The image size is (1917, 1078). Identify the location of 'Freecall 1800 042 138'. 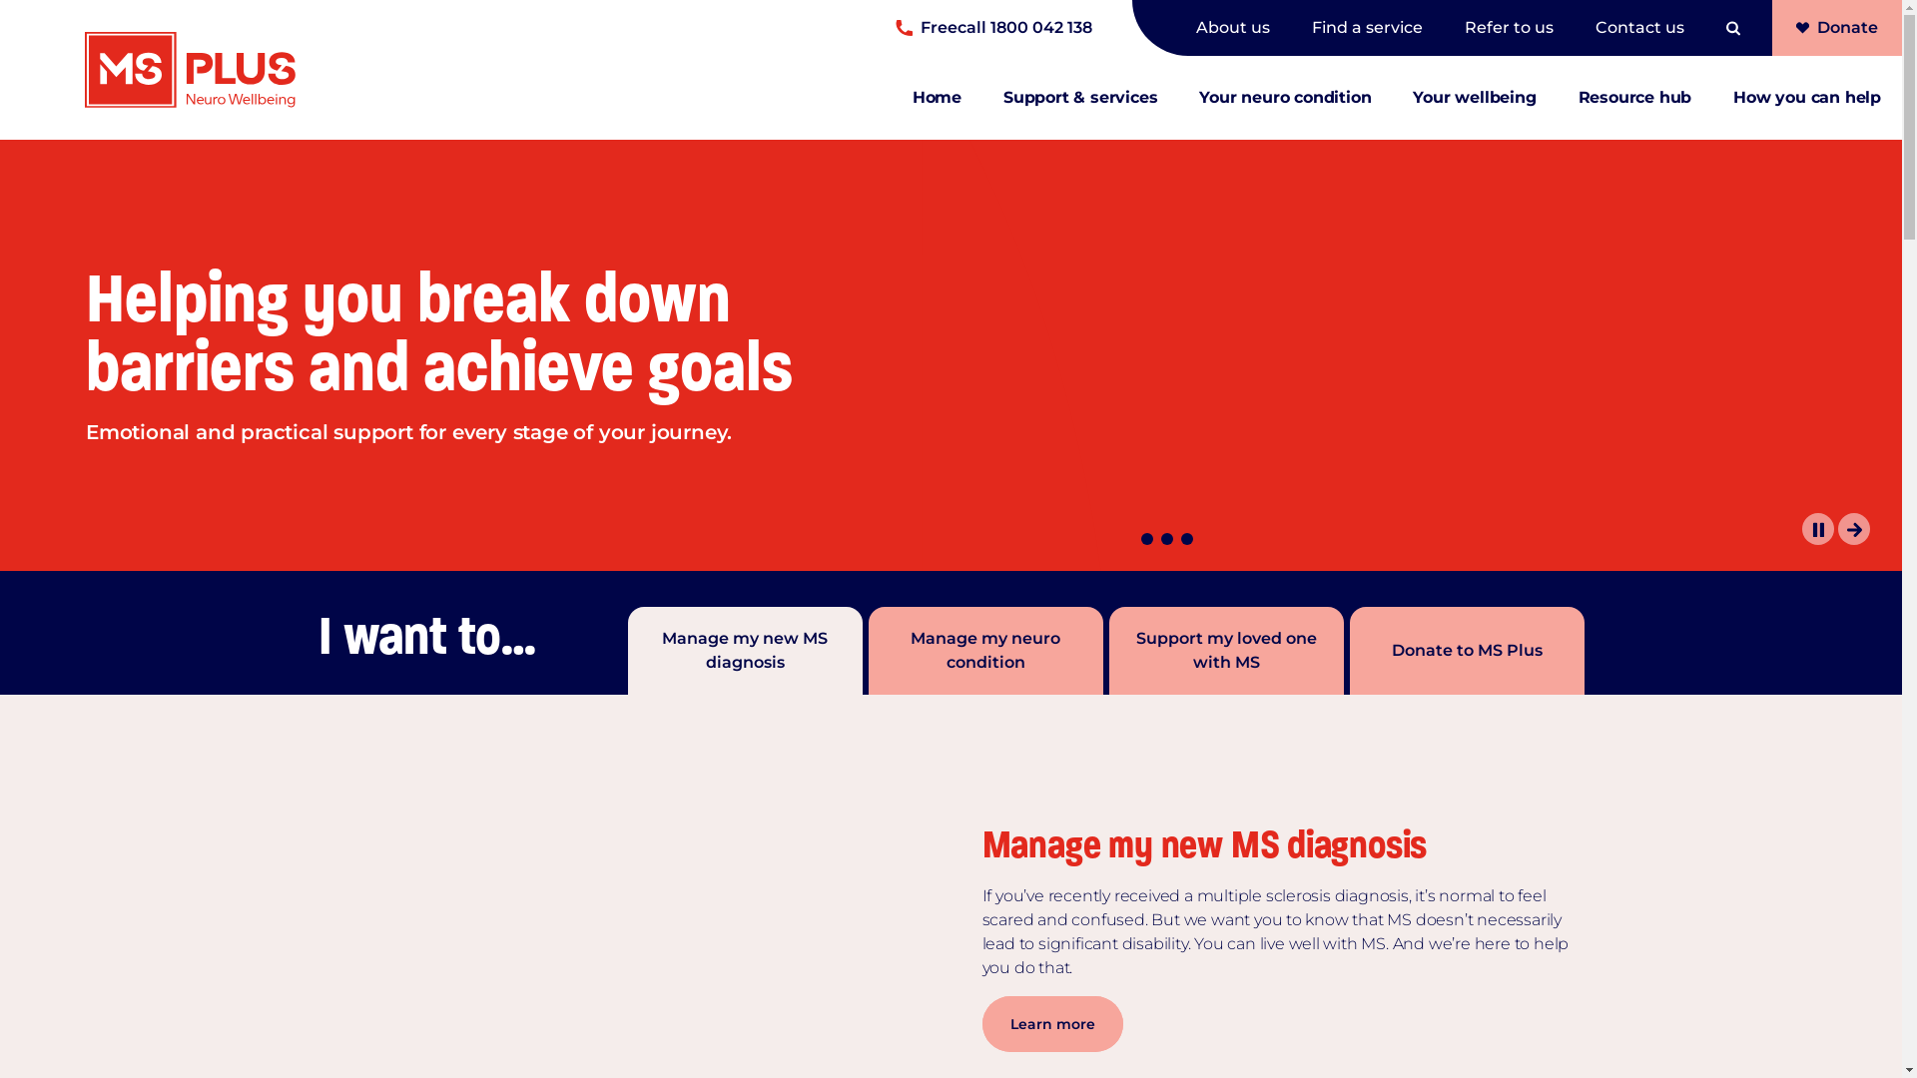
(895, 27).